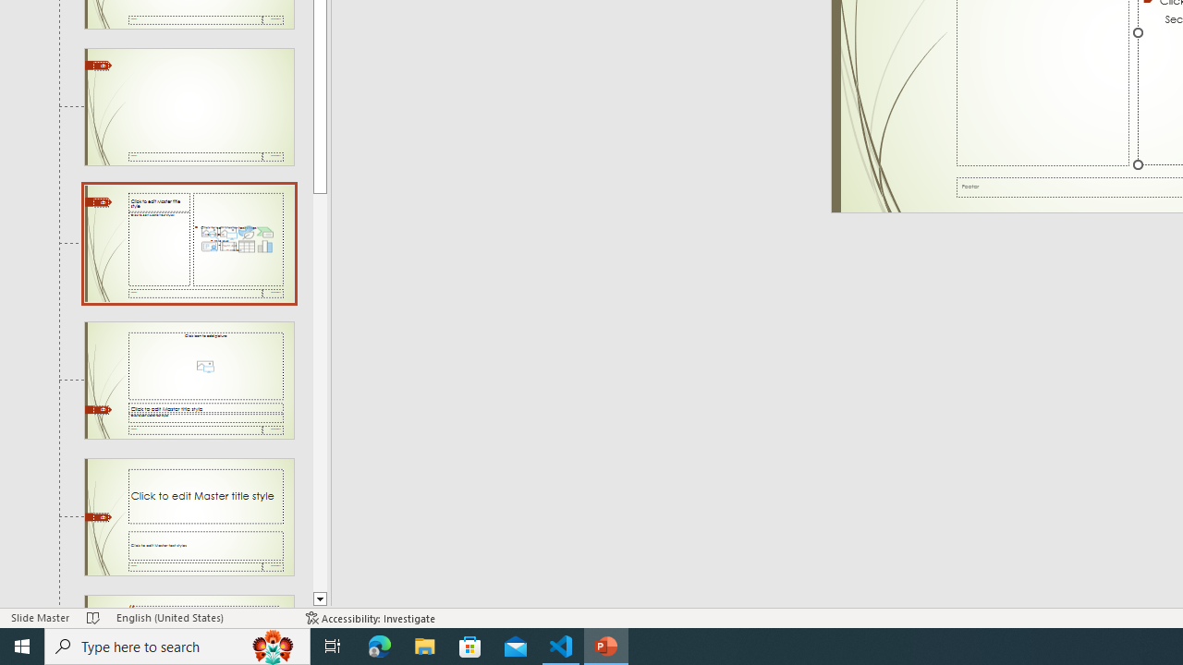  What do you see at coordinates (189, 380) in the screenshot?
I see `'Slide Picture with Caption Layout: used by no slides'` at bounding box center [189, 380].